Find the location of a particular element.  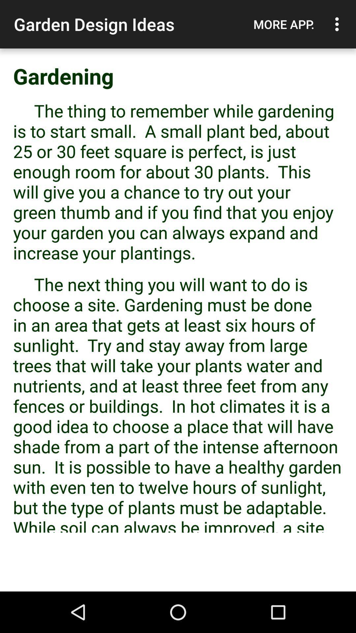

app to the right of garden design ideas is located at coordinates (283, 24).